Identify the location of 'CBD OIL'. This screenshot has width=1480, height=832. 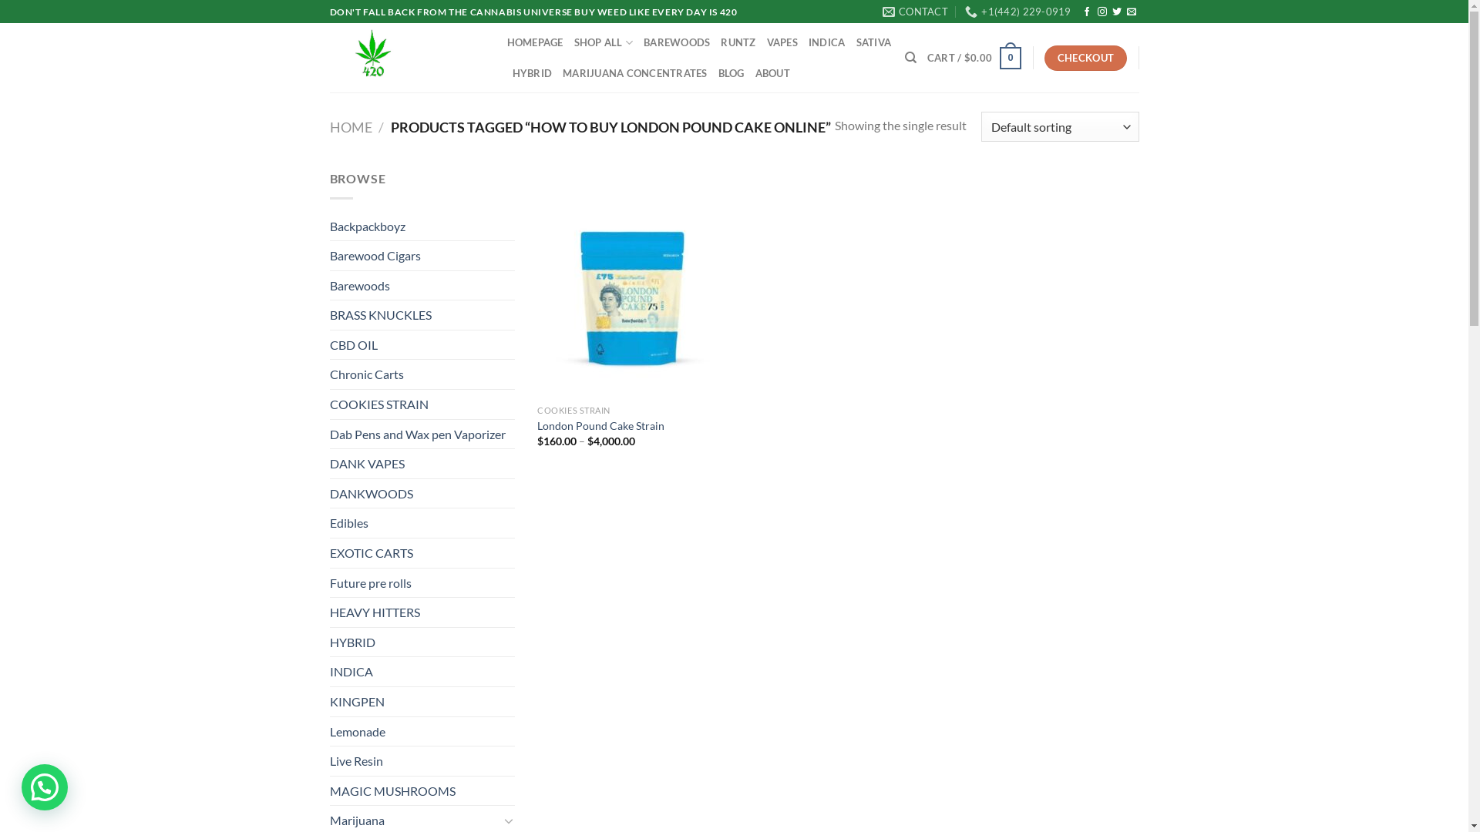
(422, 344).